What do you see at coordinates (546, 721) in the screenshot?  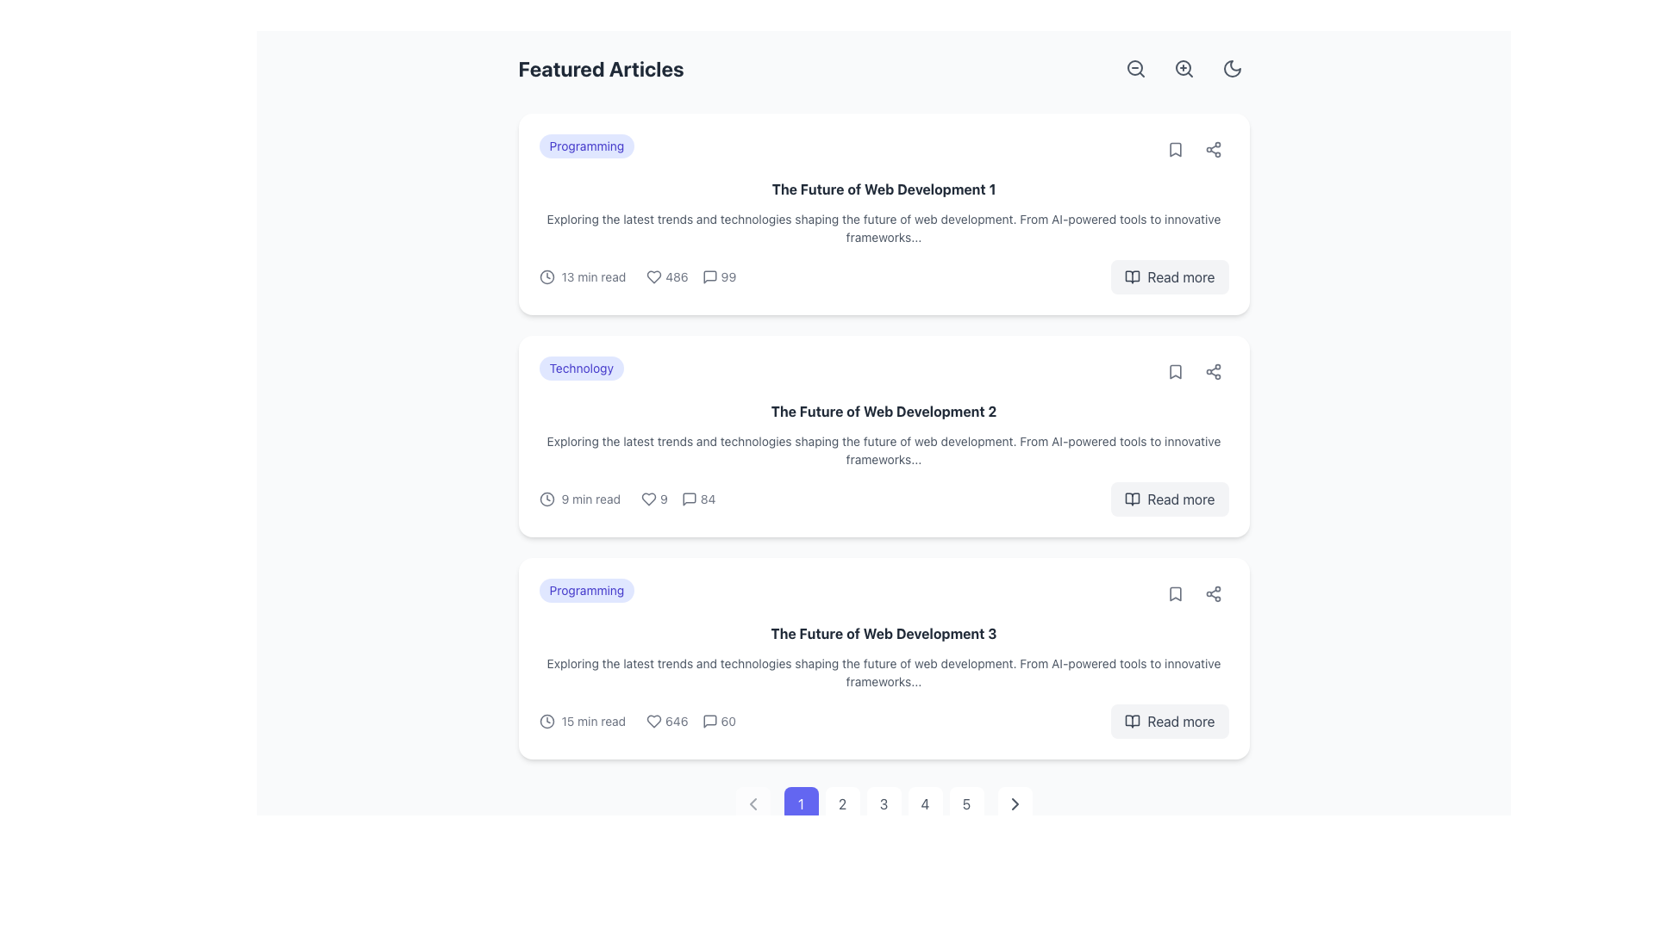 I see `the circular graphic element embedded within the clock icon located at the bottom section of the third content card, adjacent to the reading time text` at bounding box center [546, 721].